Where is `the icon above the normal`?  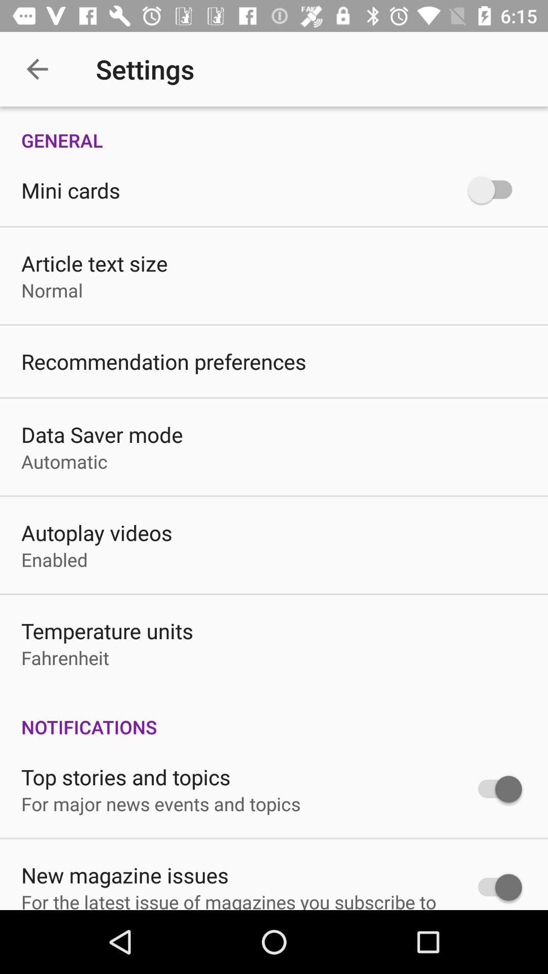
the icon above the normal is located at coordinates (94, 263).